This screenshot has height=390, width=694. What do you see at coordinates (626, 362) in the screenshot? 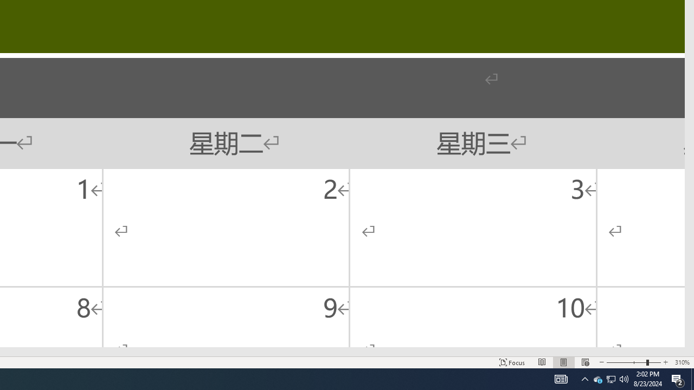
I see `'Zoom Out'` at bounding box center [626, 362].